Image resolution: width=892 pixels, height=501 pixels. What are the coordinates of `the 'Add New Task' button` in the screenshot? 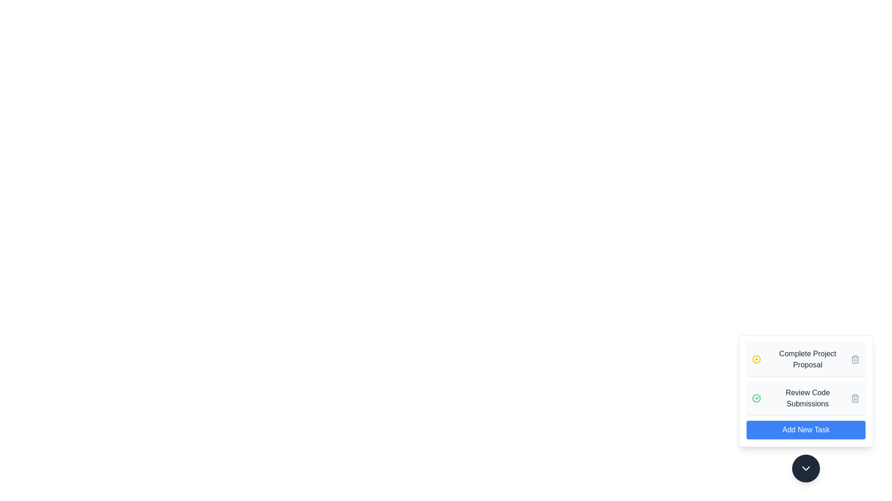 It's located at (805, 430).